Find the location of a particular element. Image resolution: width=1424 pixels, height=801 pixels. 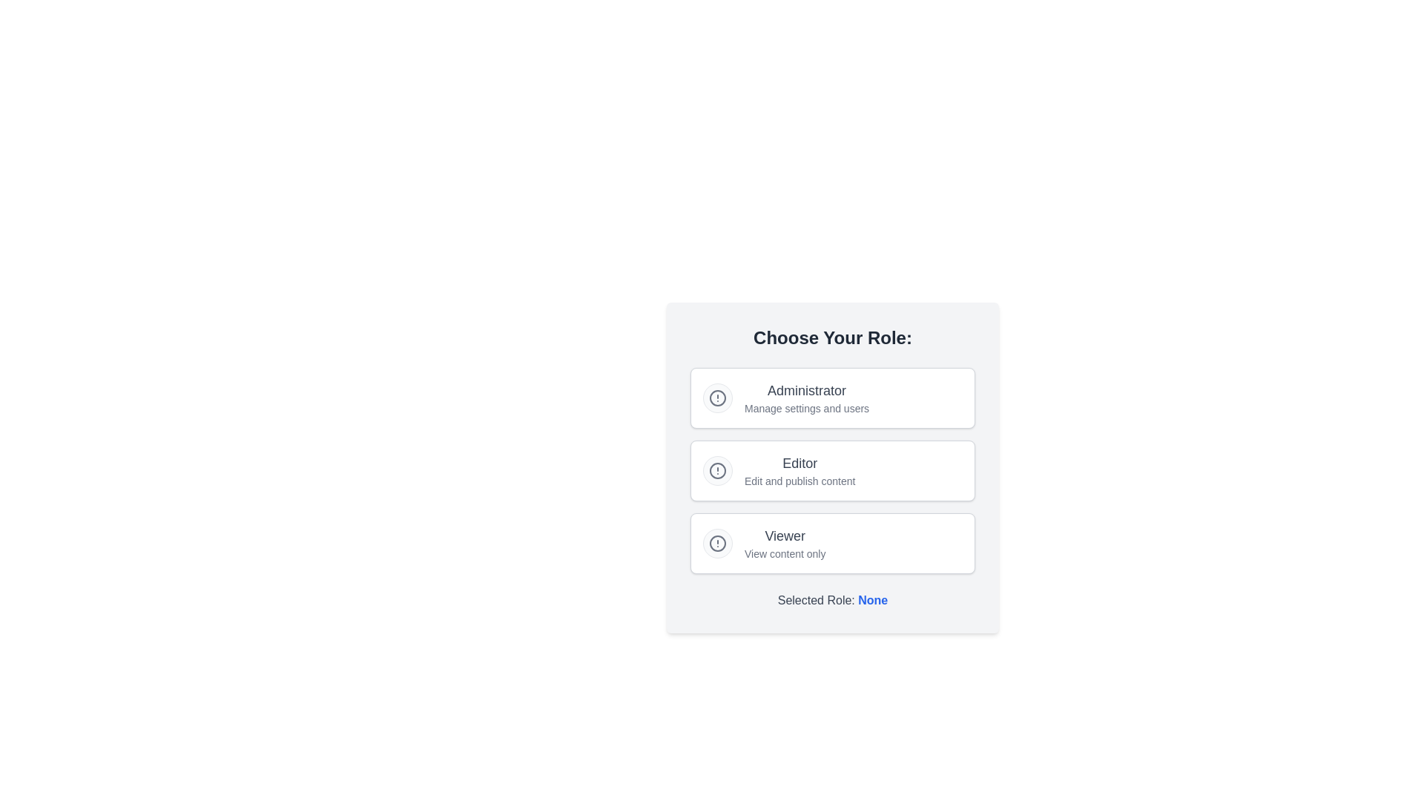

the alert icon associated with the 'Editor' role, which is located within the 'Editor' option in the list of roles, positioned to the left of the 'Edit and publish content' text is located at coordinates (718, 471).